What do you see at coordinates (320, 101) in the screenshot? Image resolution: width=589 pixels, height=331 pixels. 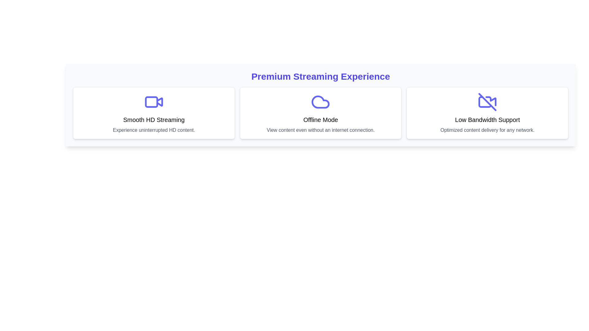 I see `the cloud icon located at the center of the 'Offline Mode' card` at bounding box center [320, 101].